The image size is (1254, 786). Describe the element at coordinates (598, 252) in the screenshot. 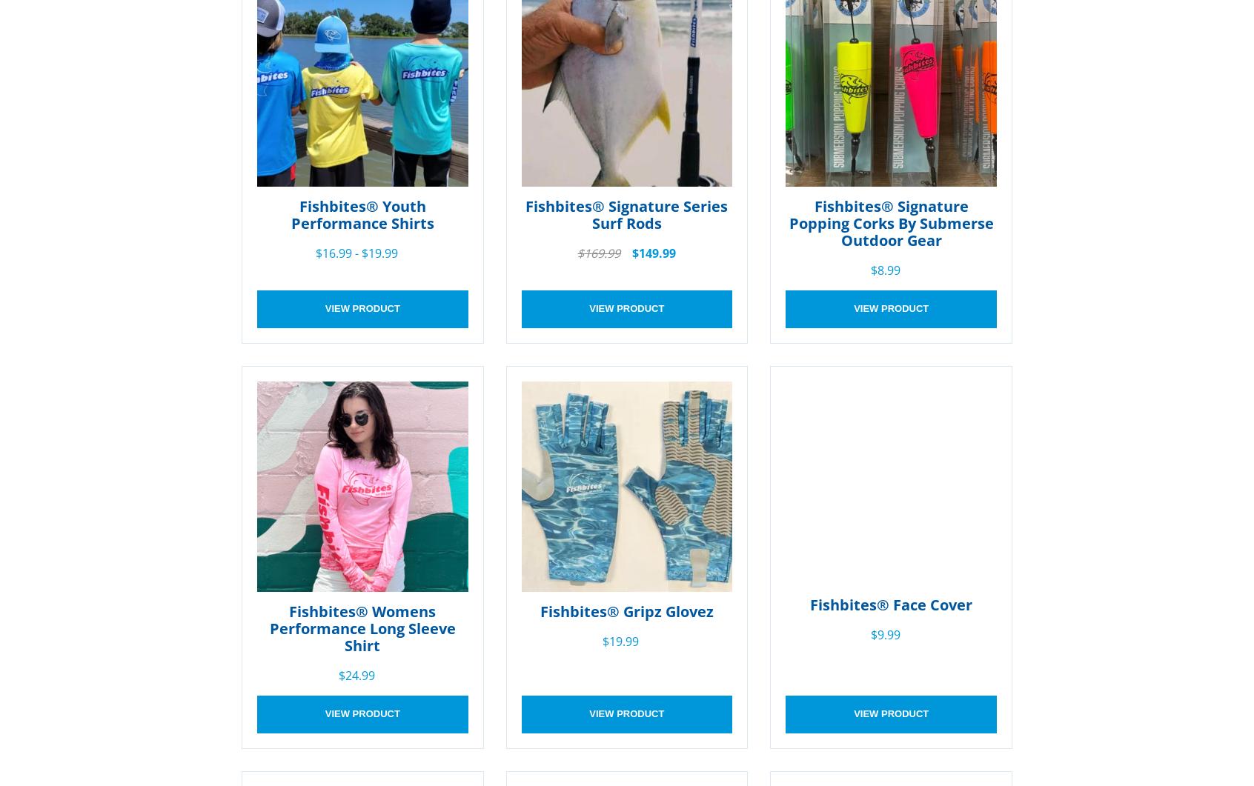

I see `'$169.99'` at that location.